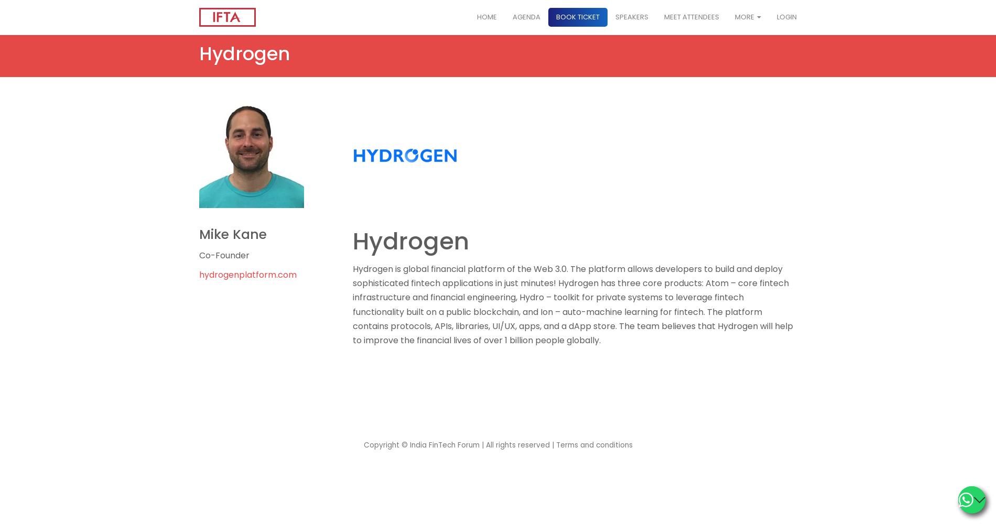  I want to click on 'Login', so click(787, 17).